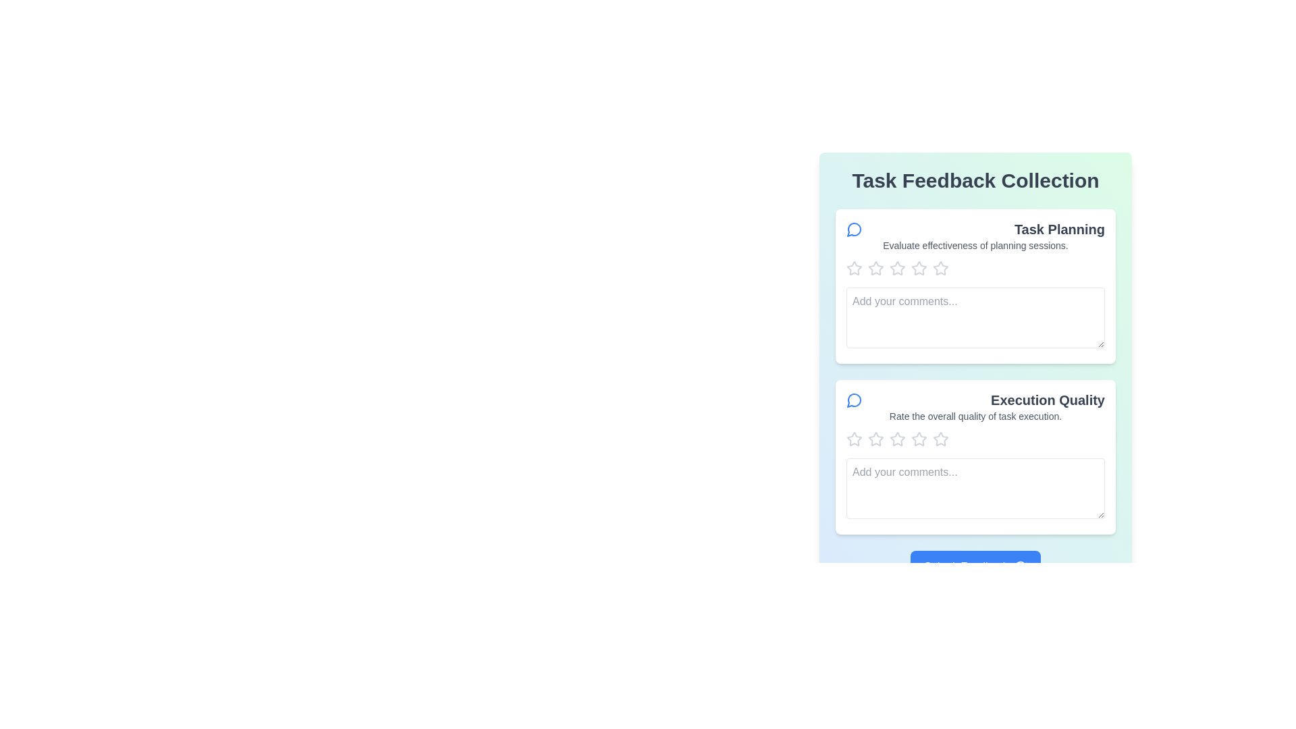  What do you see at coordinates (975, 567) in the screenshot?
I see `the feedback submission button located at the bottom of the feedback sections for 'Task Planning' and 'Execution Quality'` at bounding box center [975, 567].